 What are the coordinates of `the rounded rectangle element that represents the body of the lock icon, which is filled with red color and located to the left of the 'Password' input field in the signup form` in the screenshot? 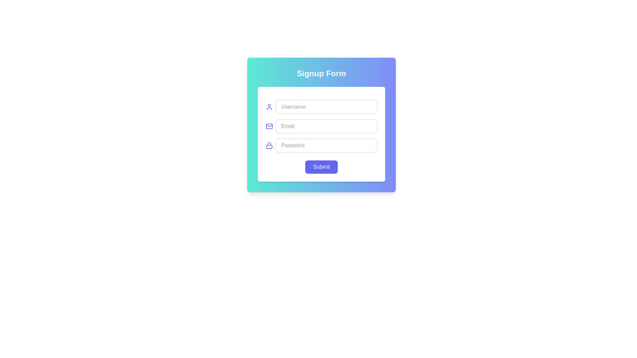 It's located at (269, 147).